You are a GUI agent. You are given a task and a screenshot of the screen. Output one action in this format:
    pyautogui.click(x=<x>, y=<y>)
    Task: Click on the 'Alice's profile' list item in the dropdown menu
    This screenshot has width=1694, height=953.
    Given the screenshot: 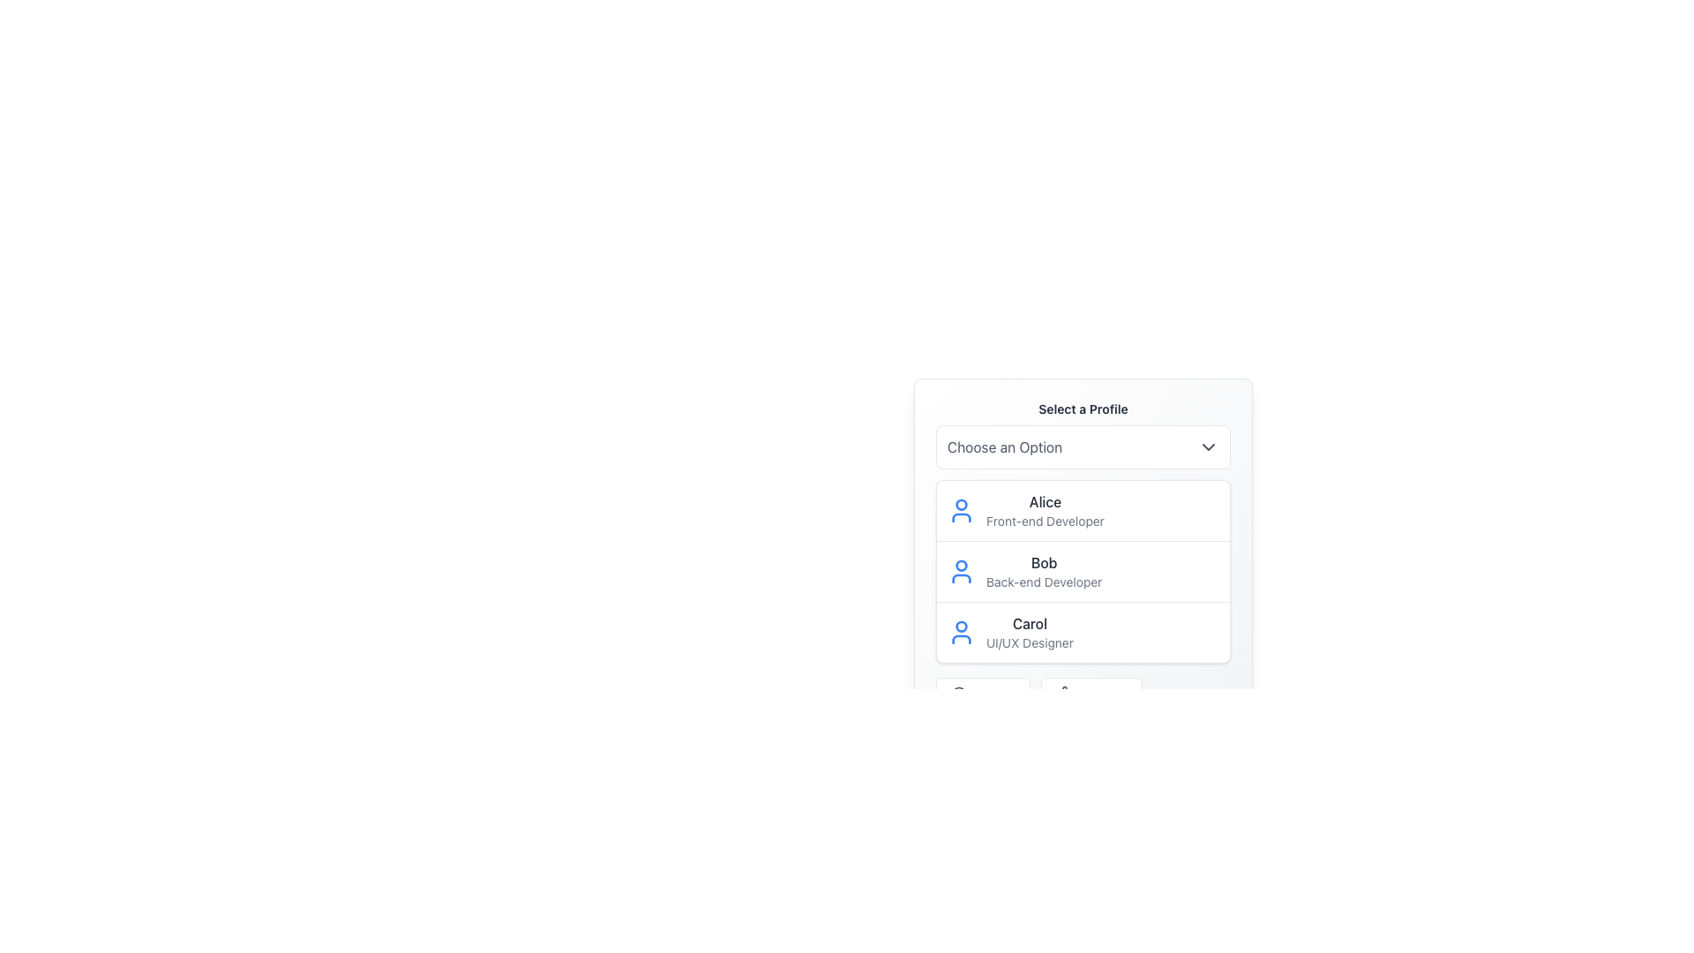 What is the action you would take?
    pyautogui.click(x=1083, y=510)
    